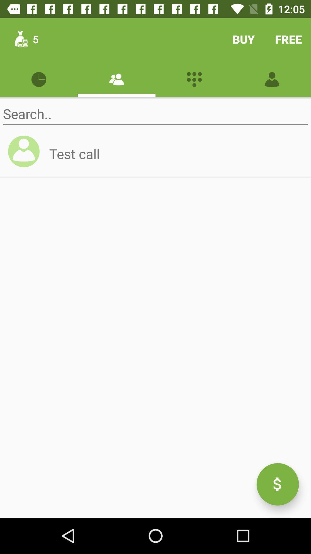  Describe the element at coordinates (176, 154) in the screenshot. I see `test call` at that location.